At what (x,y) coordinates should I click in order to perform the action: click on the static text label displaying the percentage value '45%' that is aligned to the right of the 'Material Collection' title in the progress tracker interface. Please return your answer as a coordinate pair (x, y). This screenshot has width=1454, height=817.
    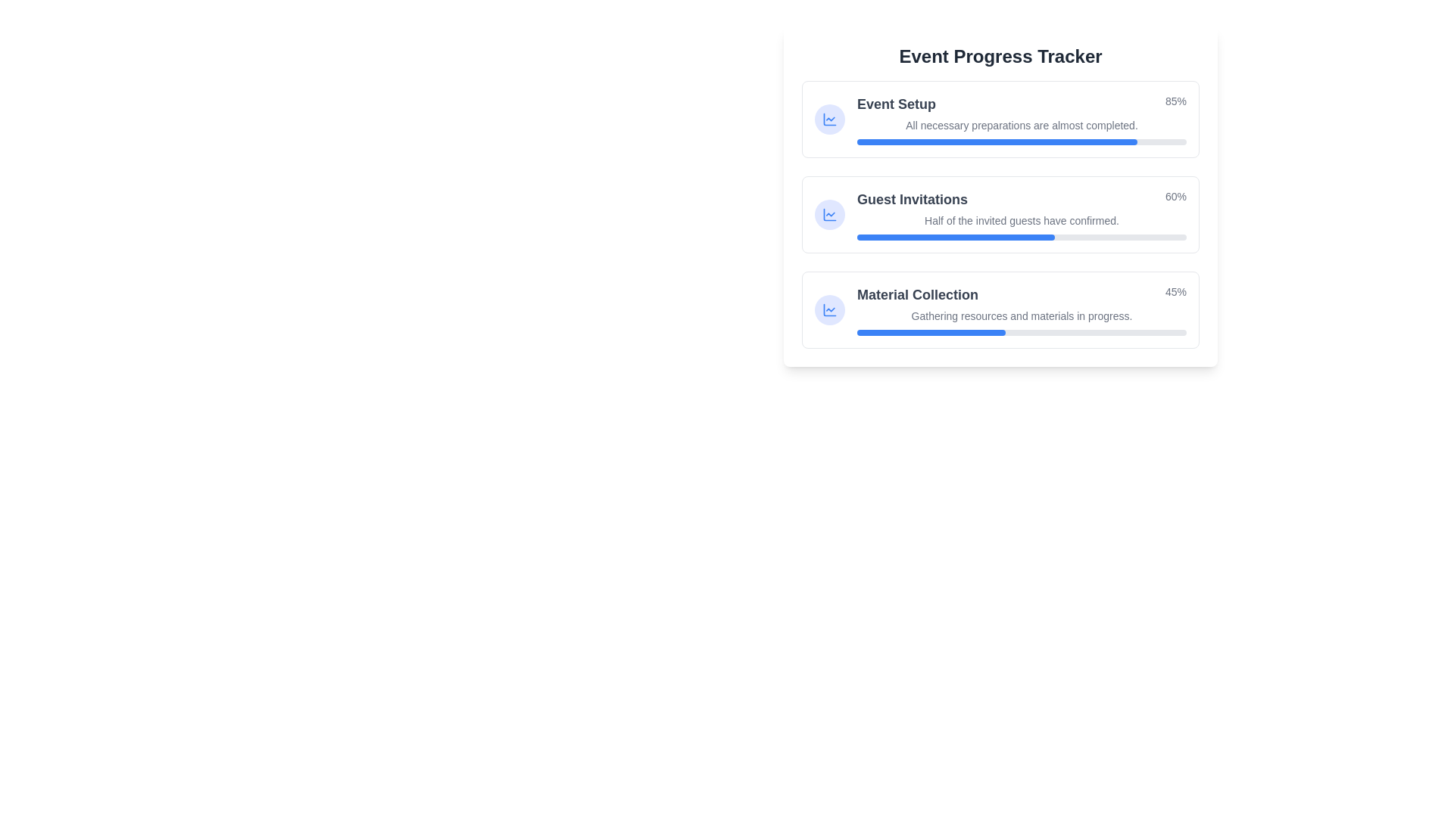
    Looking at the image, I should click on (1175, 294).